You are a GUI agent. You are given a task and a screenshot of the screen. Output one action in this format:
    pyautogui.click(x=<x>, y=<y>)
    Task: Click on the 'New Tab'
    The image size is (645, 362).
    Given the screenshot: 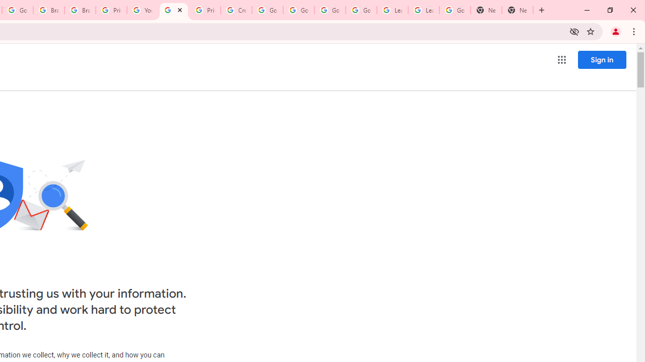 What is the action you would take?
    pyautogui.click(x=486, y=10)
    